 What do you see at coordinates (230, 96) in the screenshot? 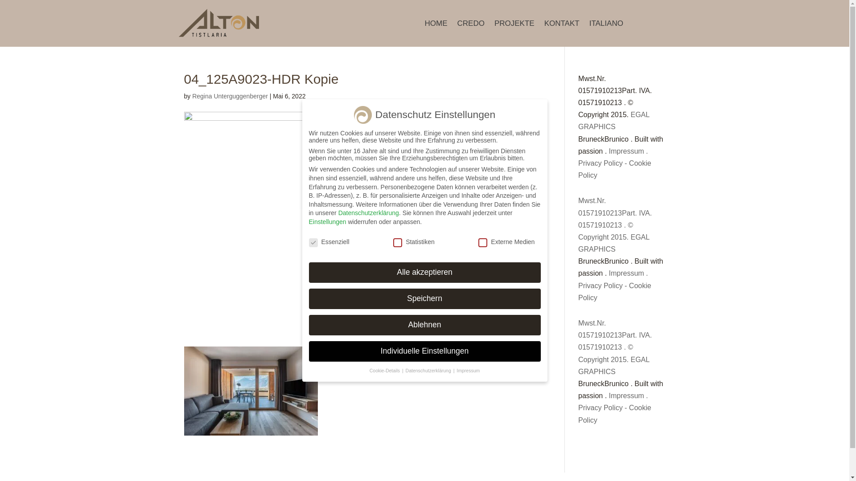
I see `'Regina Unterguggenberger'` at bounding box center [230, 96].